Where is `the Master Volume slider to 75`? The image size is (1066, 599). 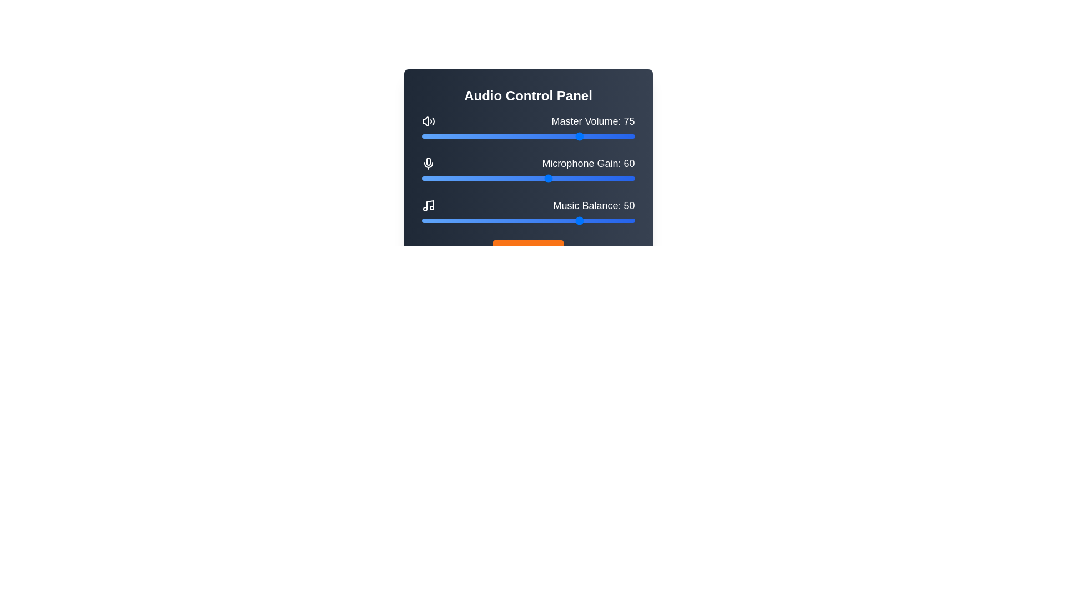
the Master Volume slider to 75 is located at coordinates (581, 136).